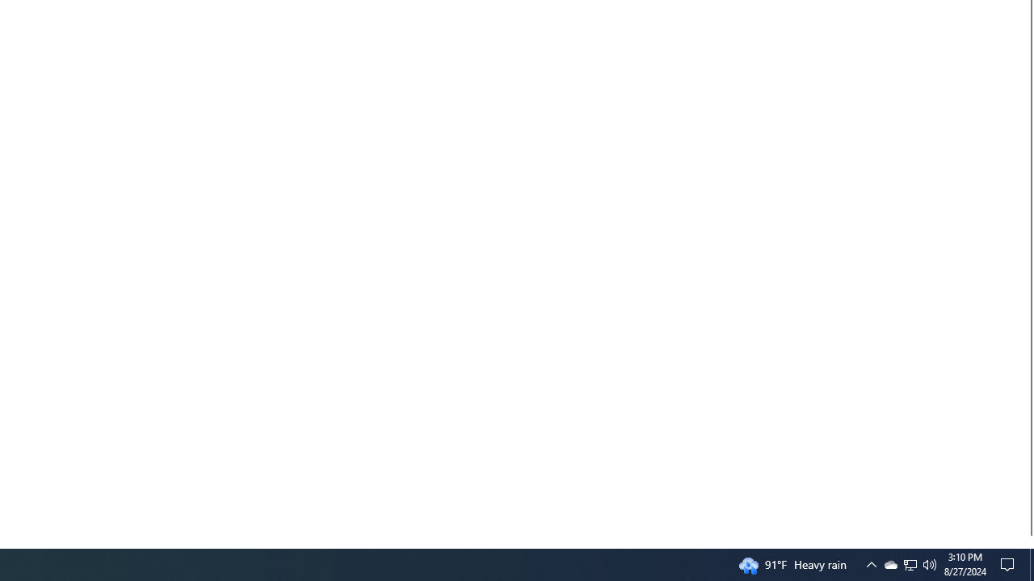 Image resolution: width=1034 pixels, height=581 pixels. I want to click on 'Show desktop', so click(1031, 563).